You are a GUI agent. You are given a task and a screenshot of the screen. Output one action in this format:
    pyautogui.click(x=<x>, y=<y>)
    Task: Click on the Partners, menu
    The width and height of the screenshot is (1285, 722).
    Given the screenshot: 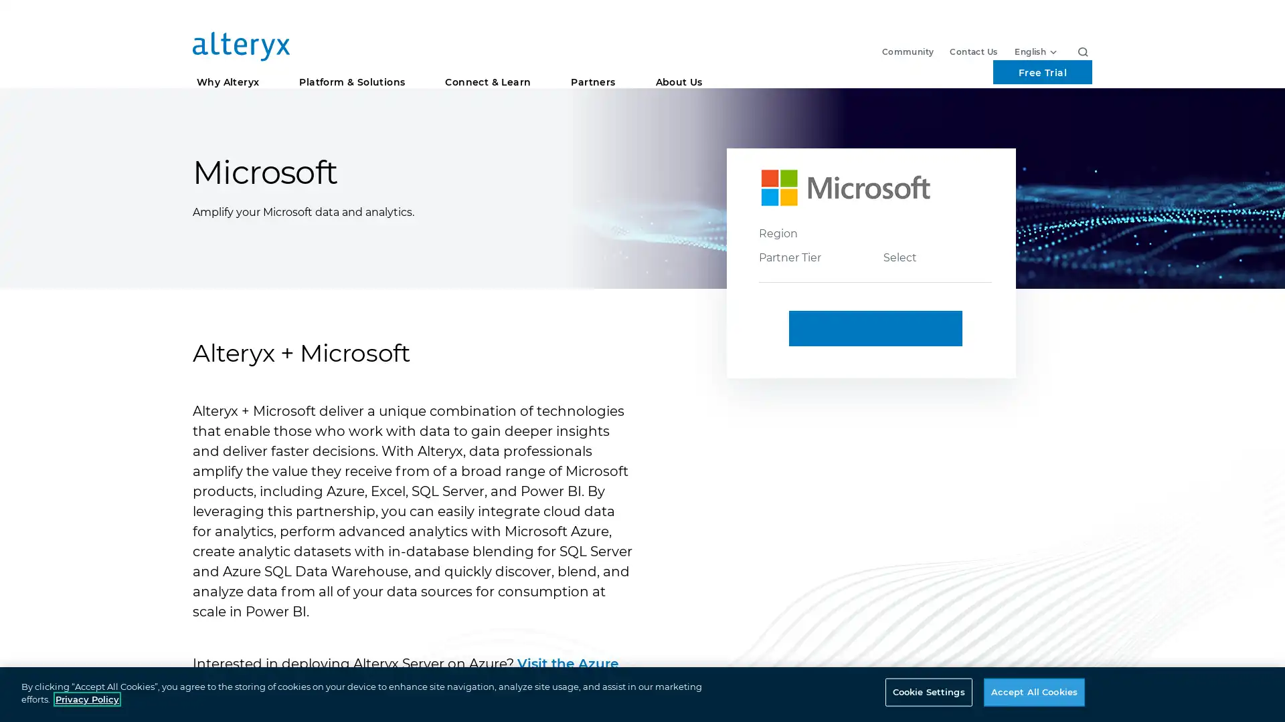 What is the action you would take?
    pyautogui.click(x=592, y=67)
    